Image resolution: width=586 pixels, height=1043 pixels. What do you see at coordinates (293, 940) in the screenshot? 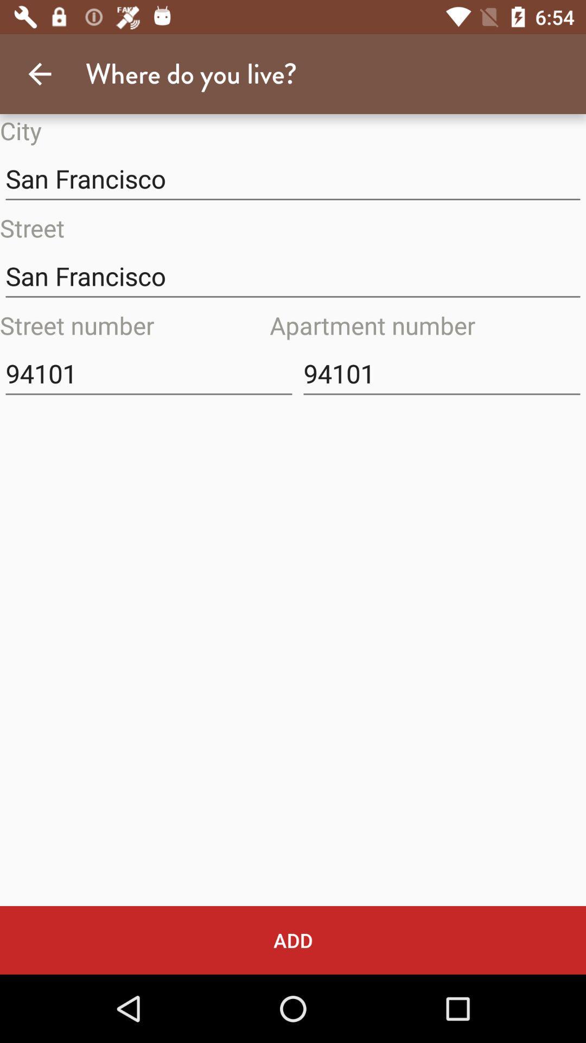
I see `the add` at bounding box center [293, 940].